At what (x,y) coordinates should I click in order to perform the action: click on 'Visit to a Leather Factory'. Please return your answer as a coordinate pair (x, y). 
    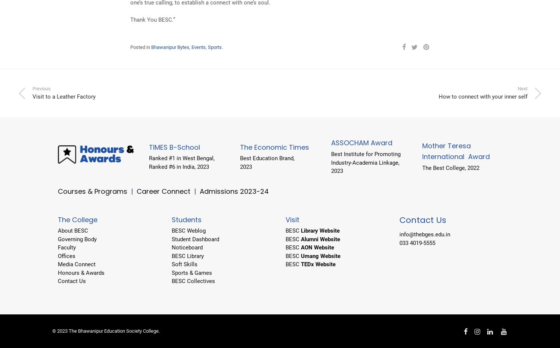
    Looking at the image, I should click on (64, 96).